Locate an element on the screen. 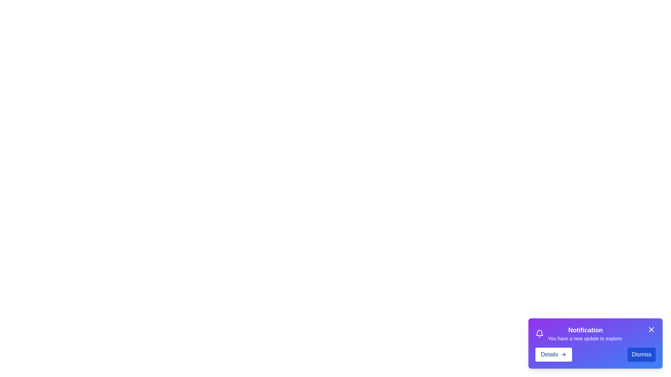 Image resolution: width=671 pixels, height=377 pixels. the button located in the bottom-right corner of the notification card, which provides a detailed view or additional information related to the notification is located at coordinates (553, 354).